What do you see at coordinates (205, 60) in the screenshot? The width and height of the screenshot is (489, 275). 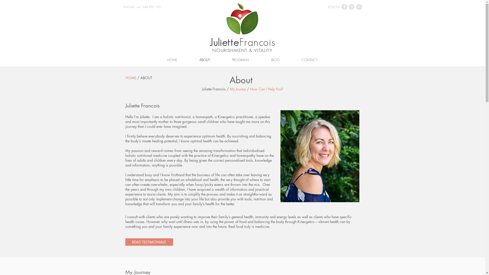 I see `'ABOUT'` at bounding box center [205, 60].